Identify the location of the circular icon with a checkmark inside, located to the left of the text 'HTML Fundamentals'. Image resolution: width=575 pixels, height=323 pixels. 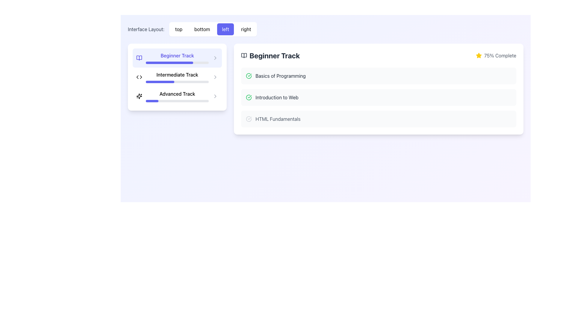
(249, 119).